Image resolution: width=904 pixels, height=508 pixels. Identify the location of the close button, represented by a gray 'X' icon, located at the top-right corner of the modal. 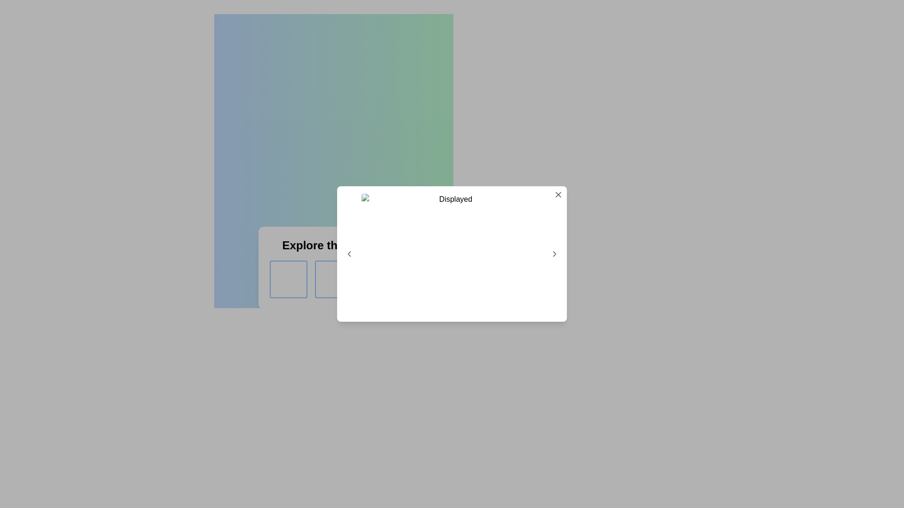
(558, 194).